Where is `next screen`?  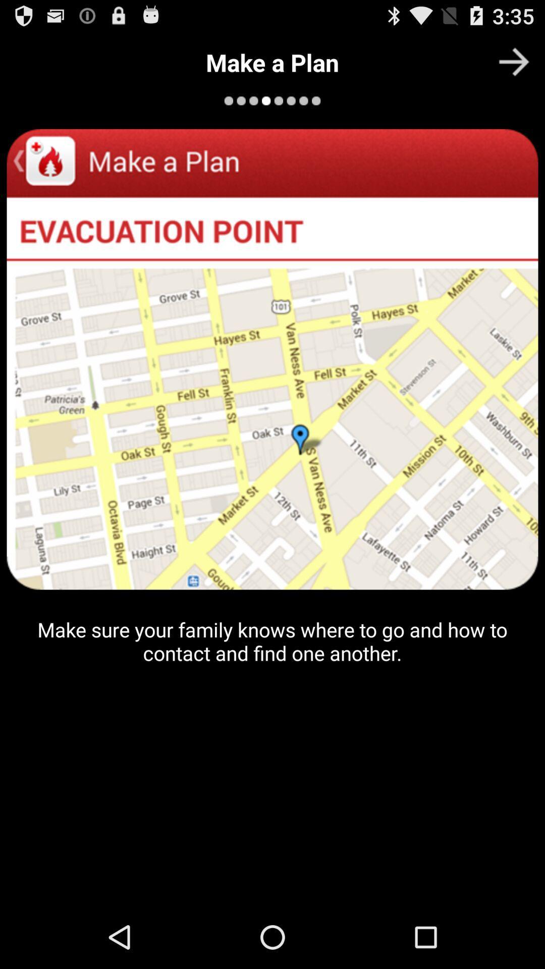
next screen is located at coordinates (514, 61).